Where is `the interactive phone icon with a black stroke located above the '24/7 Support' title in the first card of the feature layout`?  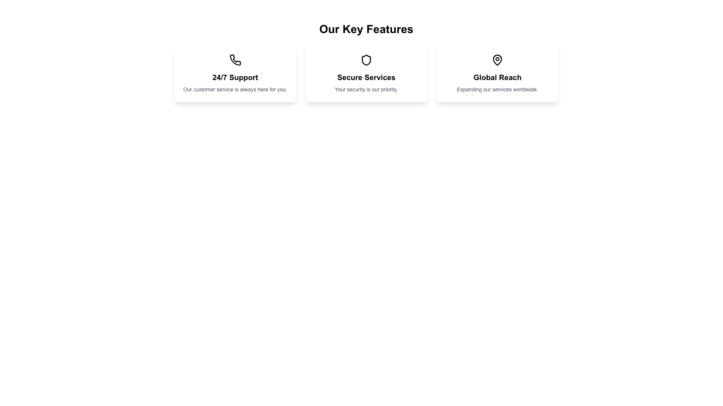
the interactive phone icon with a black stroke located above the '24/7 Support' title in the first card of the feature layout is located at coordinates (235, 59).